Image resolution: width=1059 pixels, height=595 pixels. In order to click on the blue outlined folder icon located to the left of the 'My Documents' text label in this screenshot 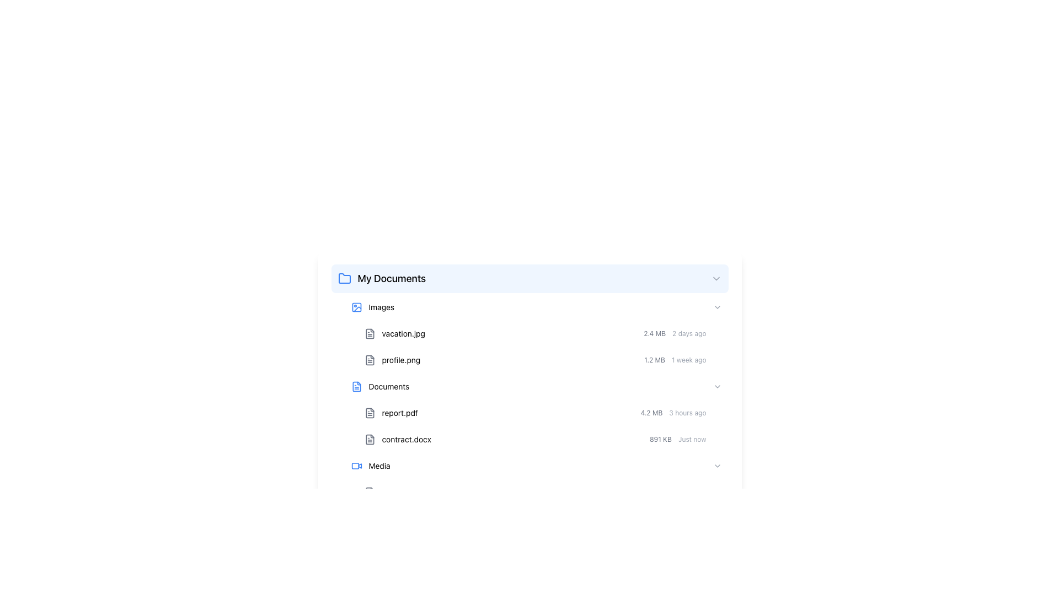, I will do `click(344, 278)`.